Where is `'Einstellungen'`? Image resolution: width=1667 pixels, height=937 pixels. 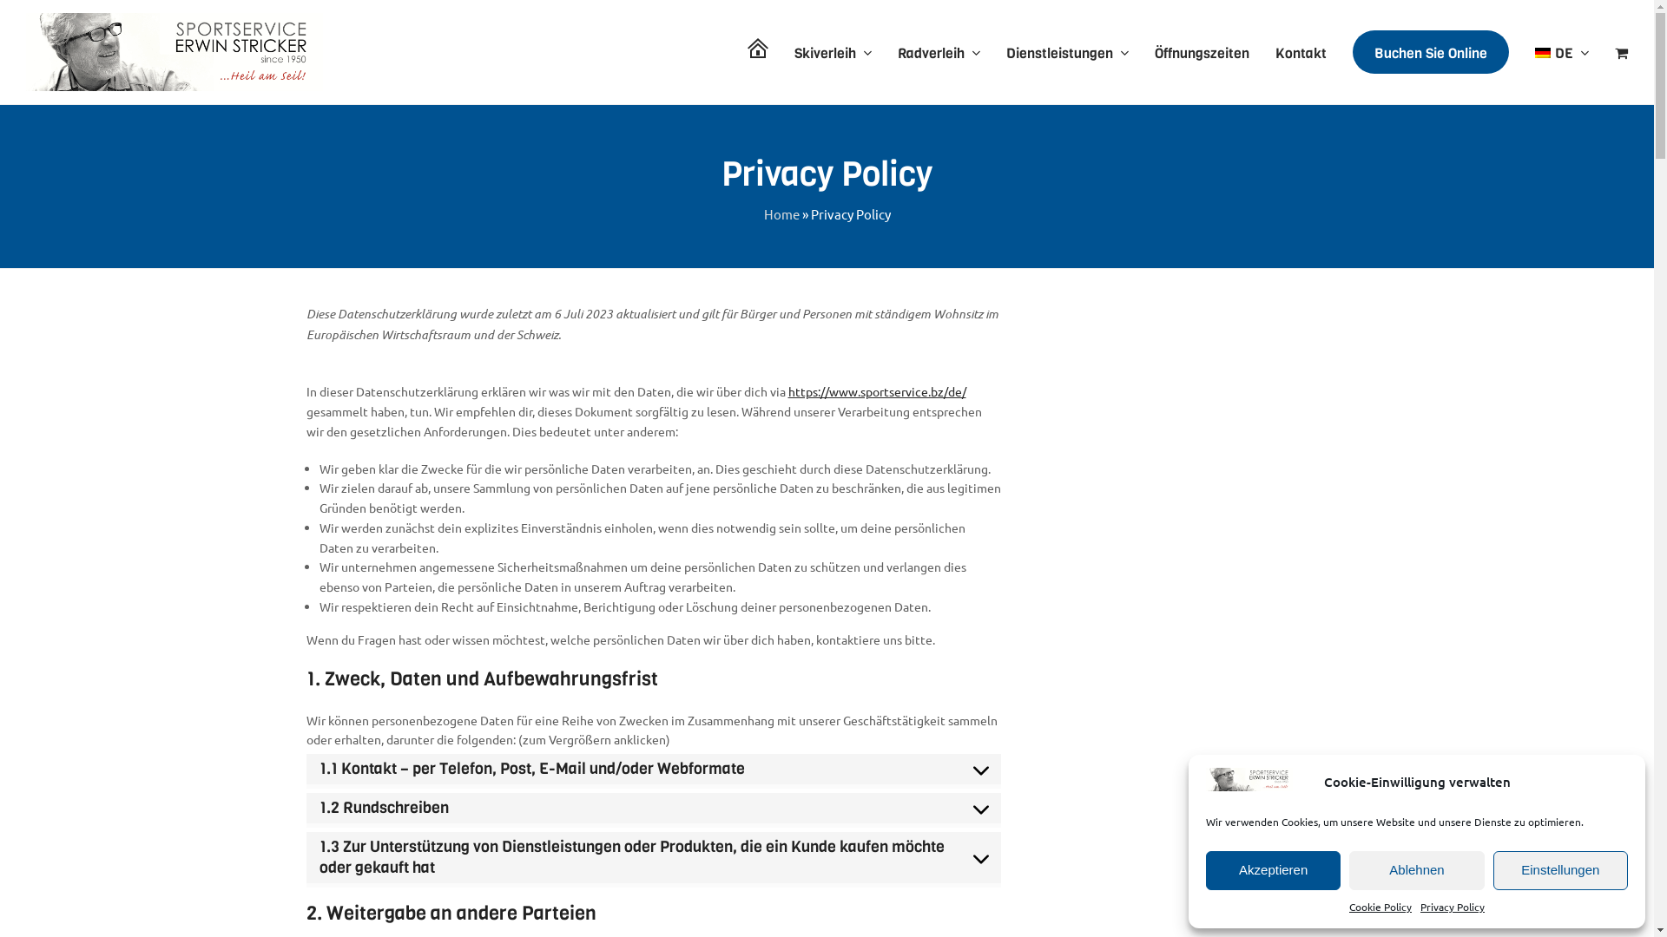
'Einstellungen' is located at coordinates (1560, 869).